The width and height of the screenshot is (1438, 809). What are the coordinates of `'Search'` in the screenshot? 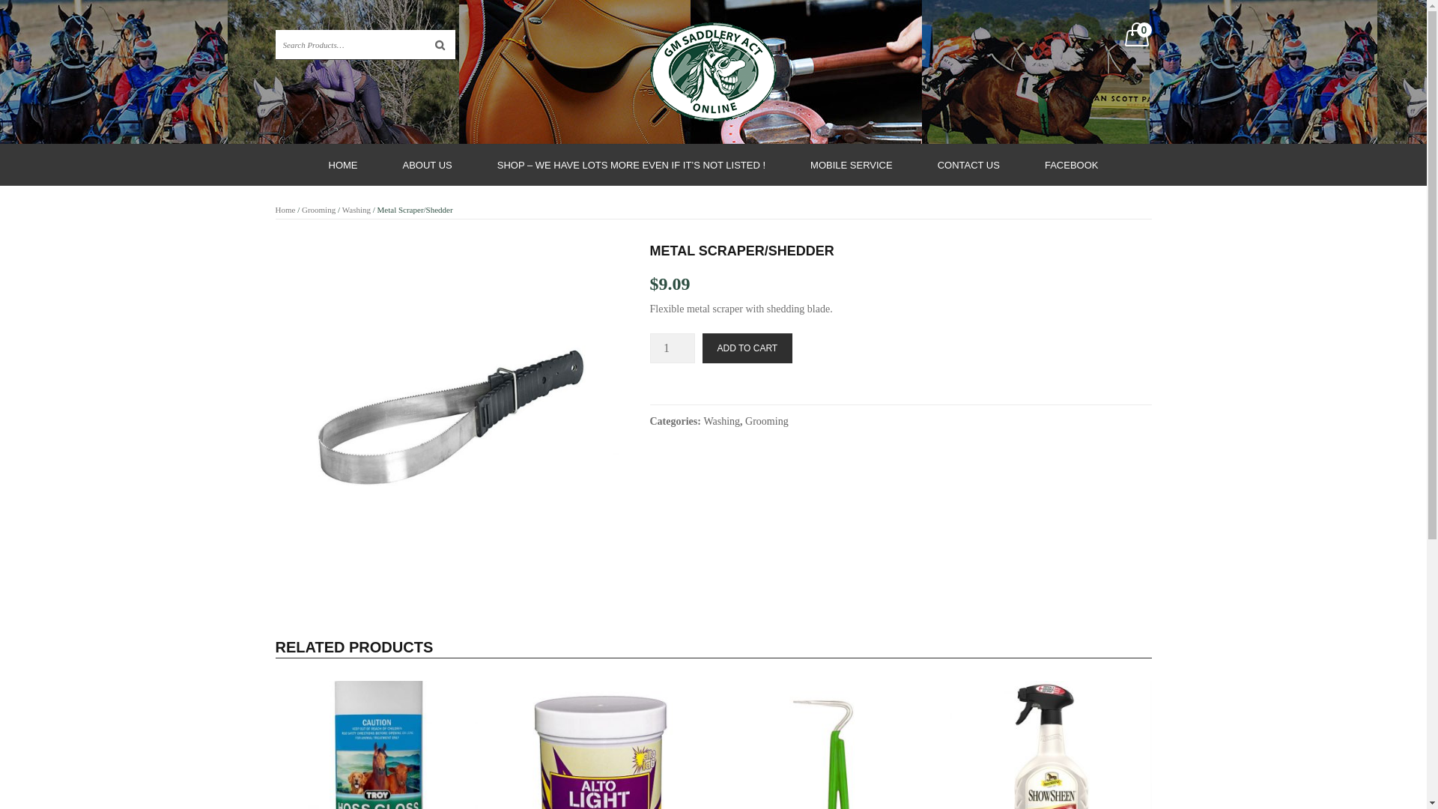 It's located at (440, 44).